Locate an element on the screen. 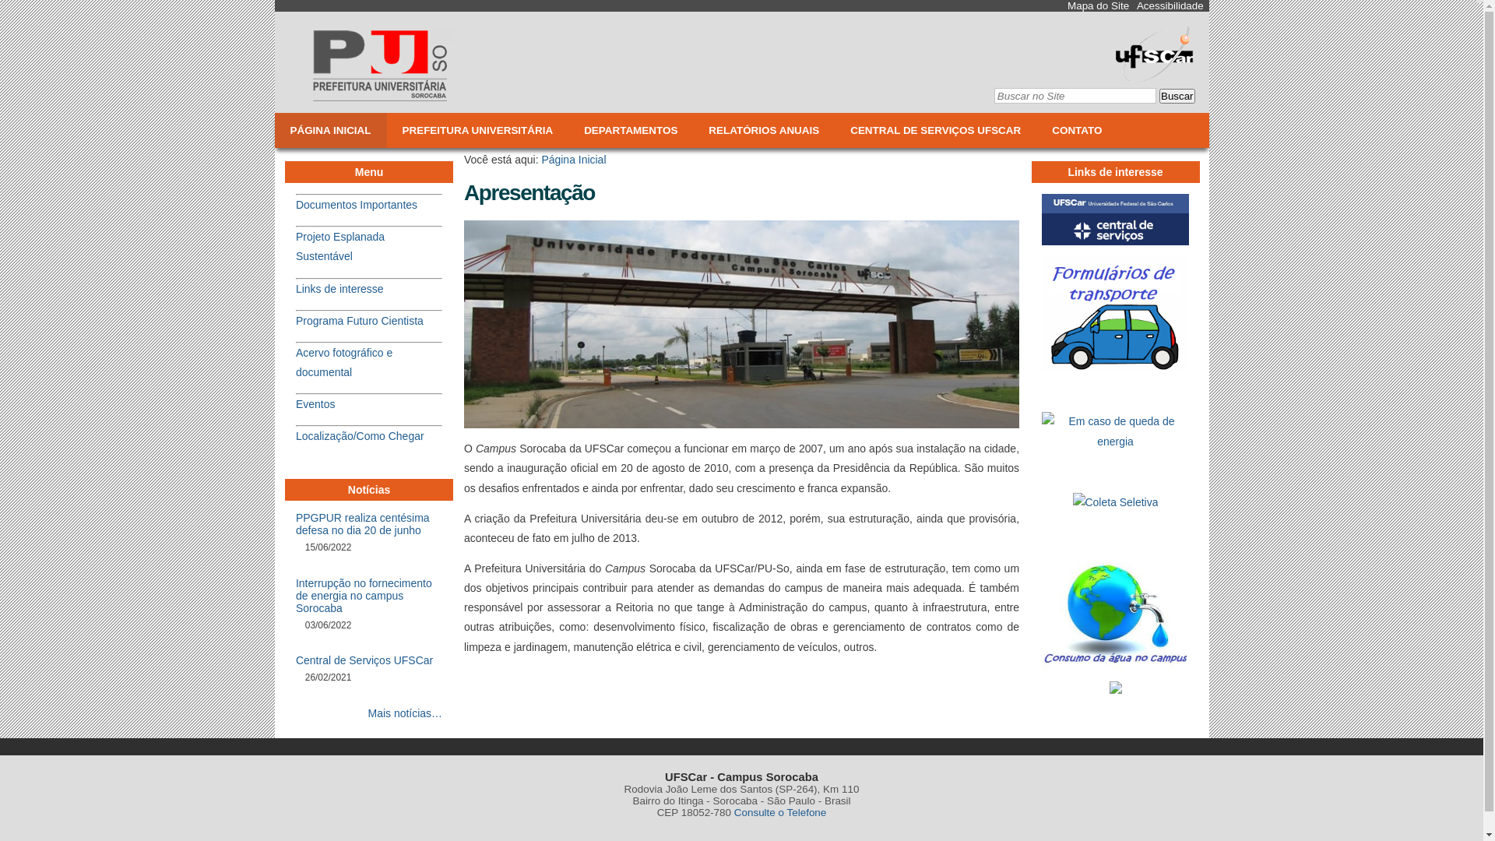 The width and height of the screenshot is (1495, 841). 'Em caso de queda de energia' is located at coordinates (1042, 431).